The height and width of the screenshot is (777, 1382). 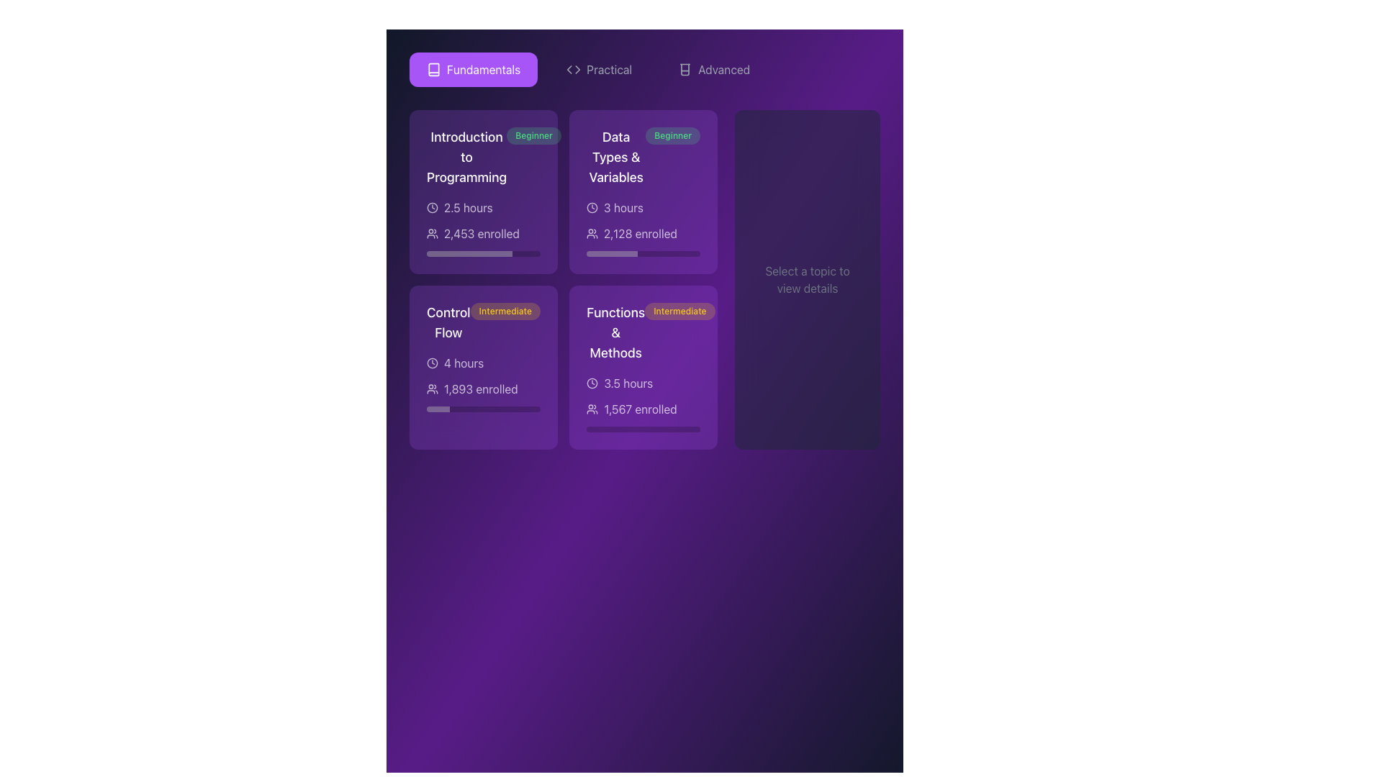 I want to click on displayed information from the Text Label with Icon that shows '3.5 hours' next to a clock icon, located in the fourth card of the lesson grid titled 'Functions & Methods', so click(x=642, y=382).